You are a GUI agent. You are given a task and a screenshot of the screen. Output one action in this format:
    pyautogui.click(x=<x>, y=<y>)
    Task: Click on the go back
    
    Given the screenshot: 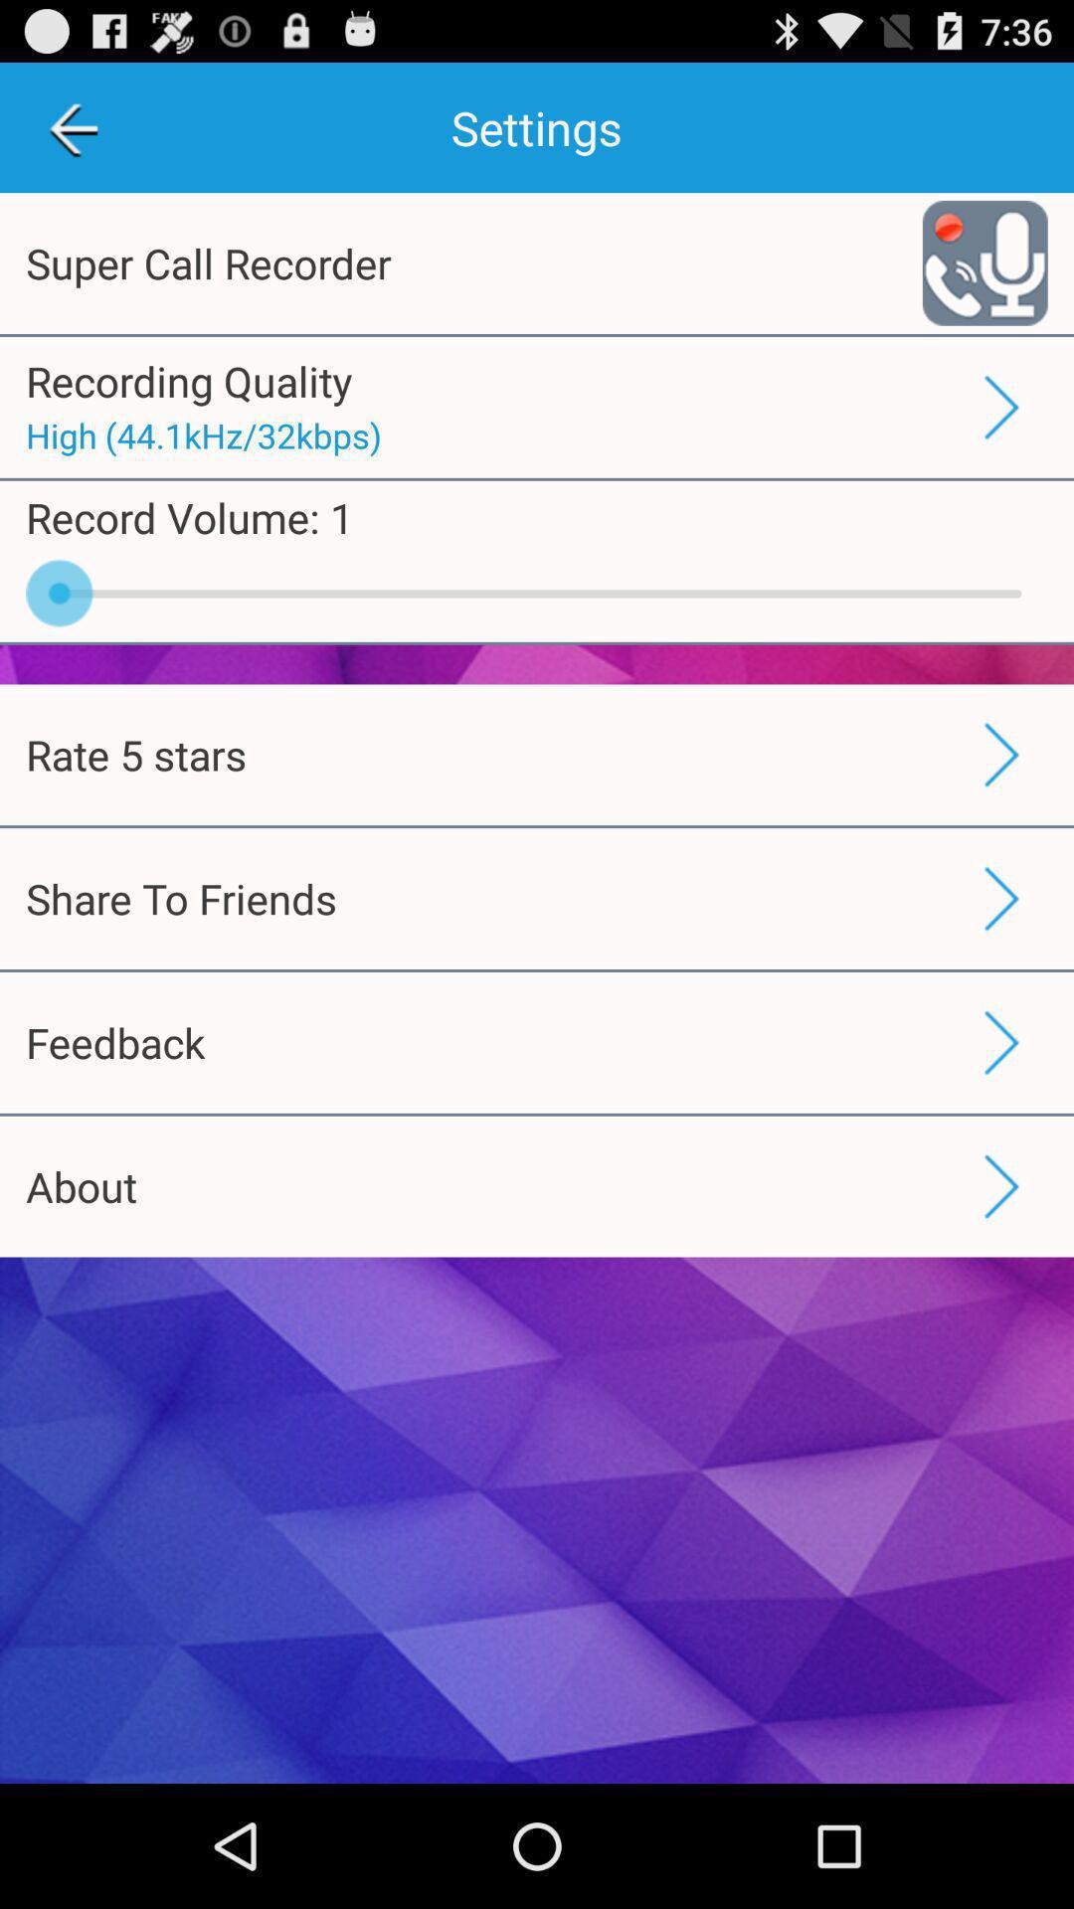 What is the action you would take?
    pyautogui.click(x=72, y=126)
    